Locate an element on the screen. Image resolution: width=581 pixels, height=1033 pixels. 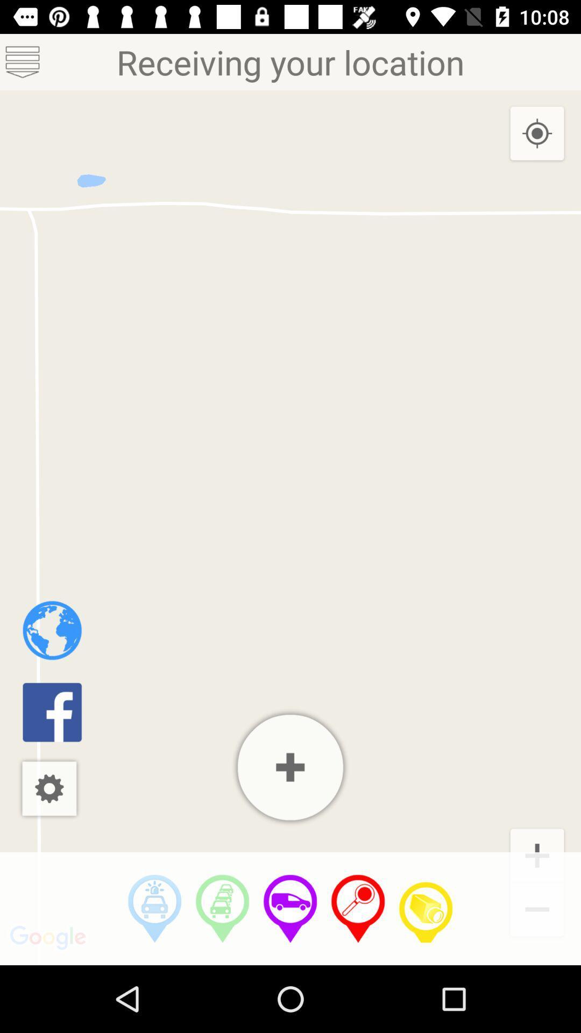
the icon at the top right corner is located at coordinates (537, 133).